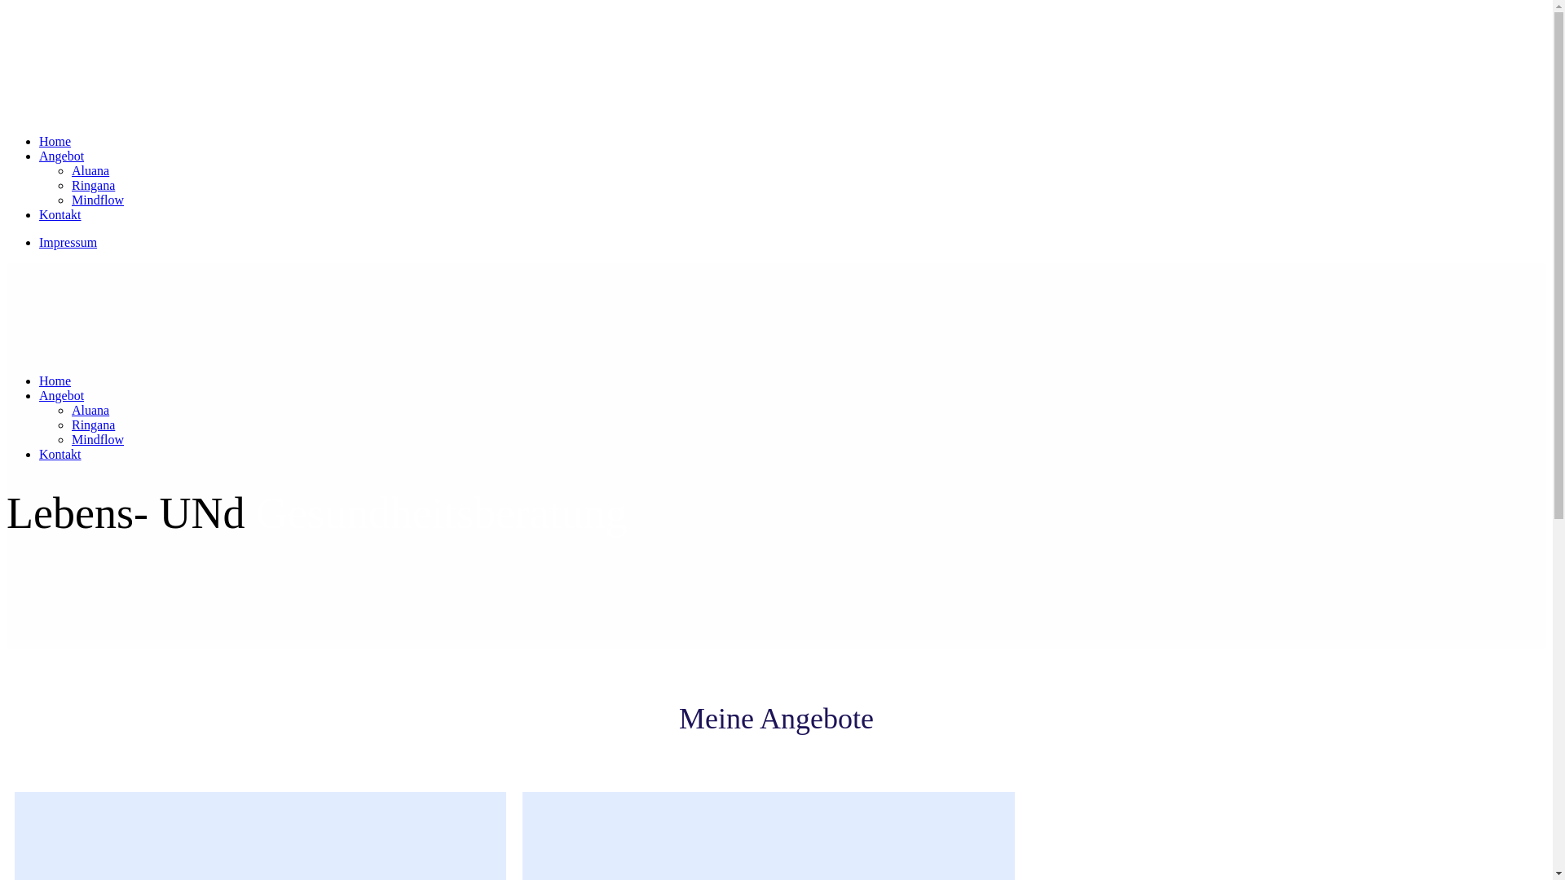  What do you see at coordinates (92, 184) in the screenshot?
I see `'Ringana'` at bounding box center [92, 184].